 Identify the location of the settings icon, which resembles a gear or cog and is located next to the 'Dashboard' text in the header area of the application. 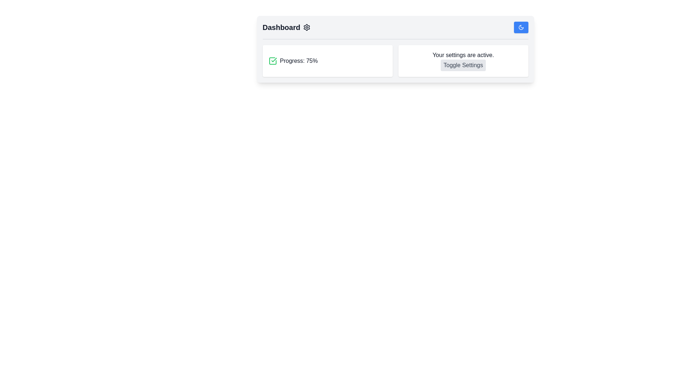
(306, 27).